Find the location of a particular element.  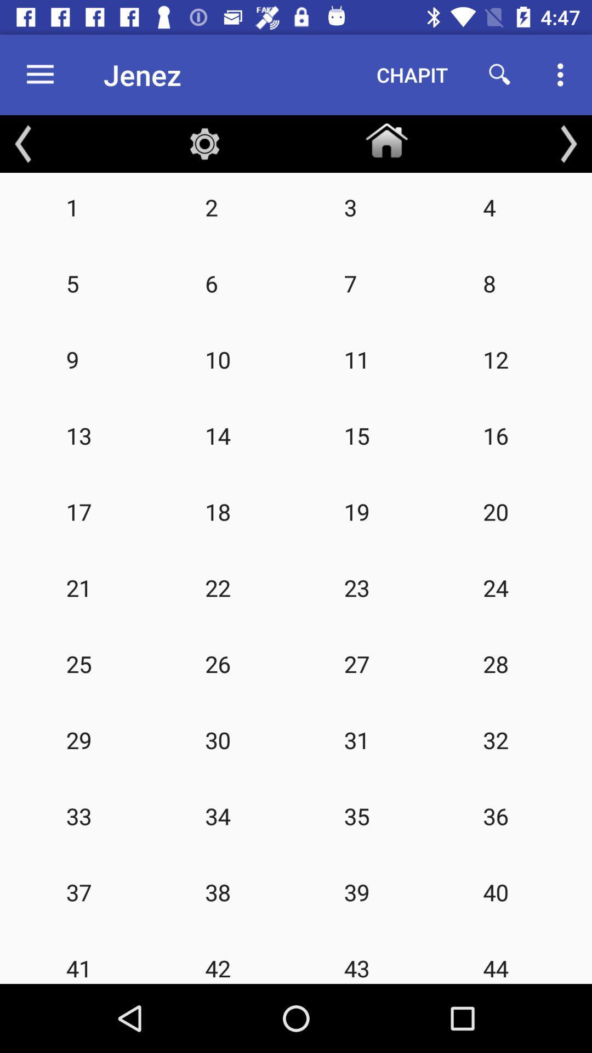

the home icon is located at coordinates (386, 138).